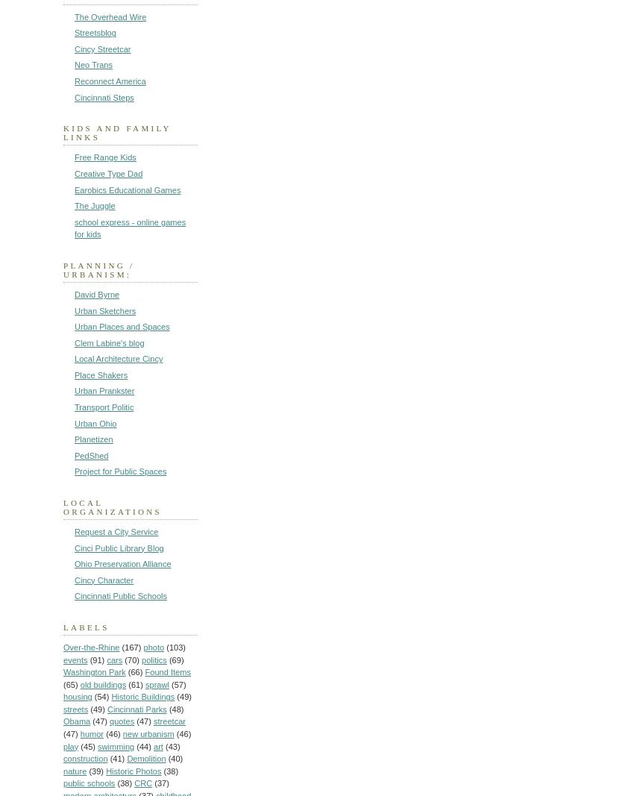 The width and height of the screenshot is (634, 796). What do you see at coordinates (143, 671) in the screenshot?
I see `'Found Items'` at bounding box center [143, 671].